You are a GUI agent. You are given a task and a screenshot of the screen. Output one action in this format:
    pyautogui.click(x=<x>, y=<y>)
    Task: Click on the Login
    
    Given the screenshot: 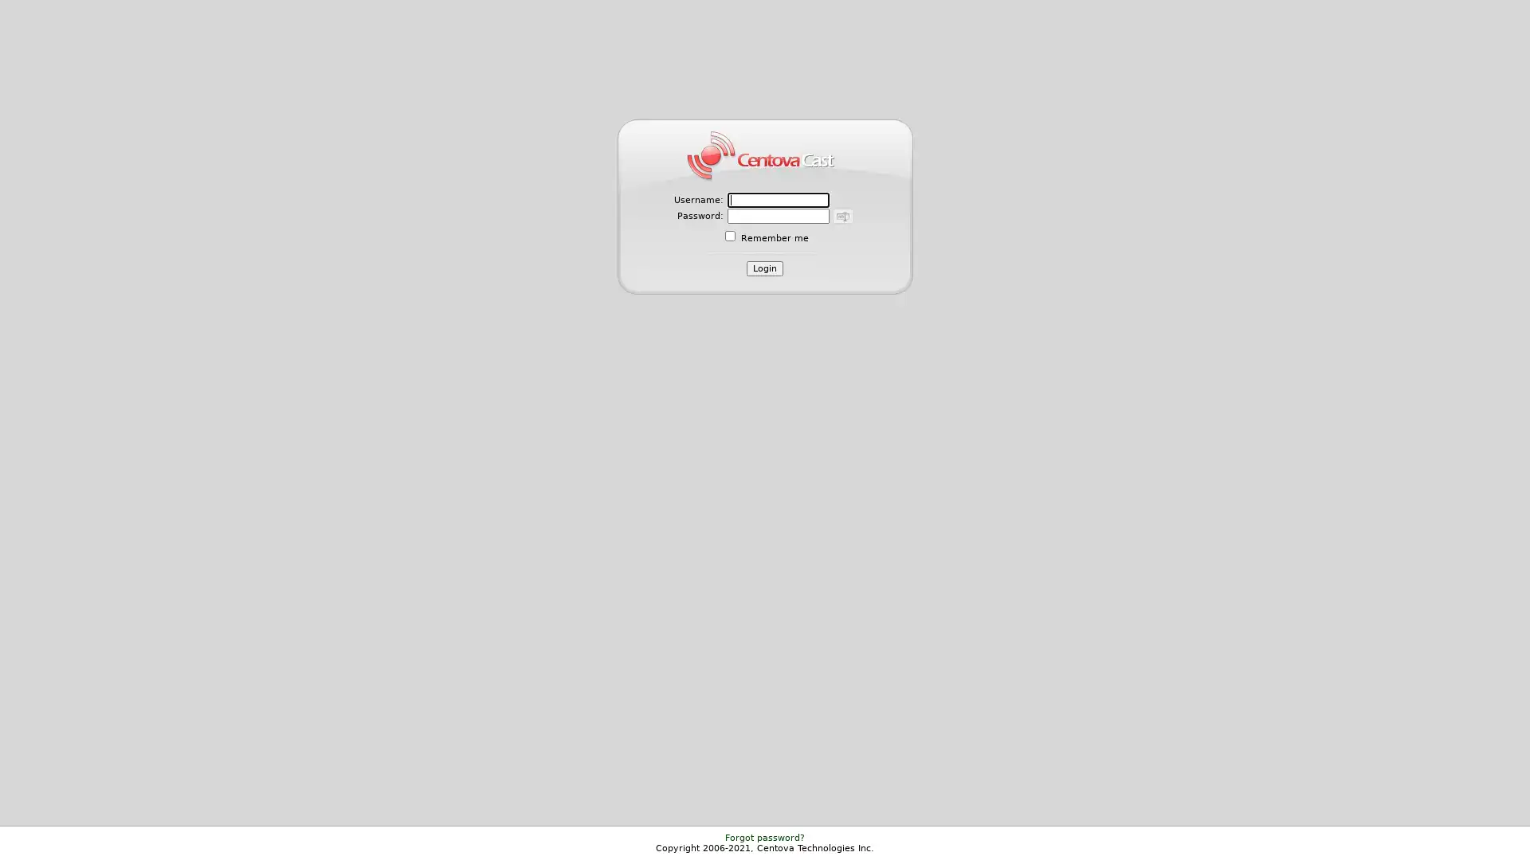 What is the action you would take?
    pyautogui.click(x=765, y=268)
    